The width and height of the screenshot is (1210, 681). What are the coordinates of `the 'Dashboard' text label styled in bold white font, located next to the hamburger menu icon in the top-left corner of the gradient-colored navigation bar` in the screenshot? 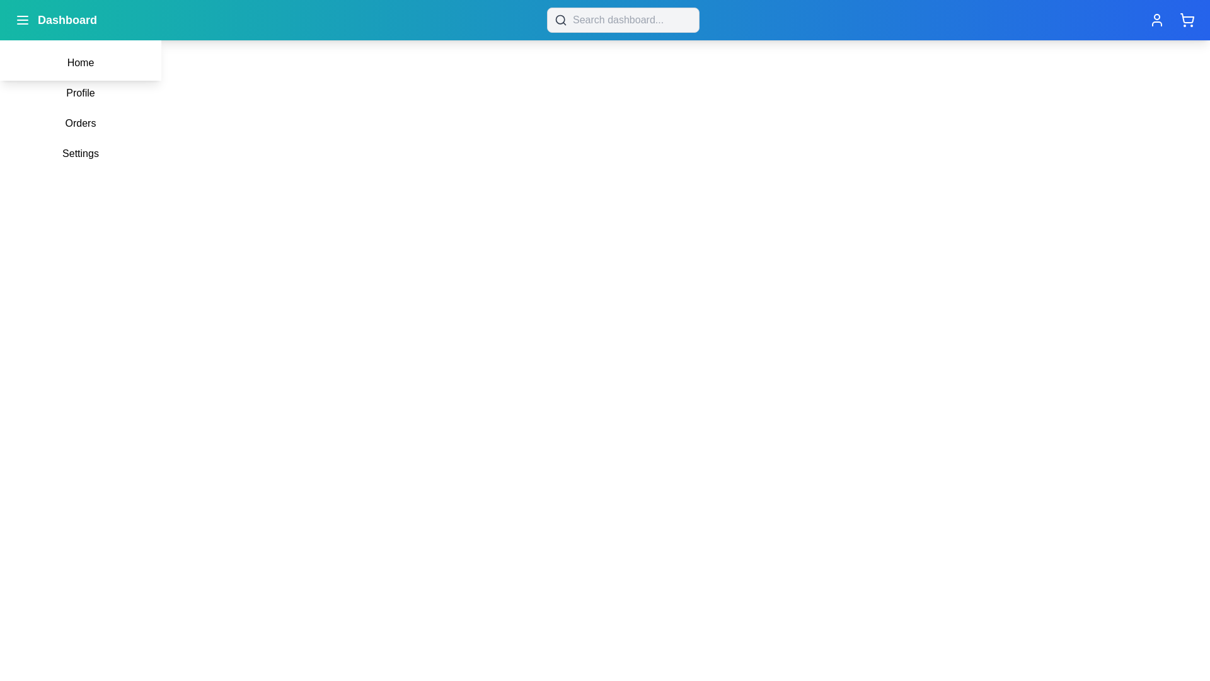 It's located at (55, 20).